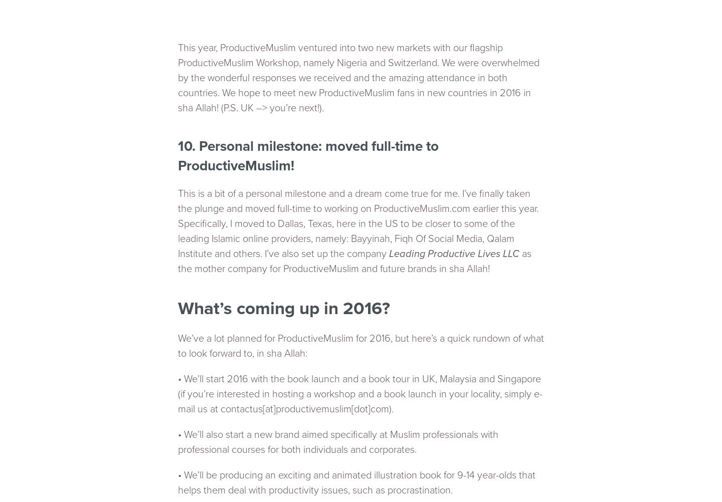 The height and width of the screenshot is (502, 722). What do you see at coordinates (284, 308) in the screenshot?
I see `'What’s coming up in 2016?'` at bounding box center [284, 308].